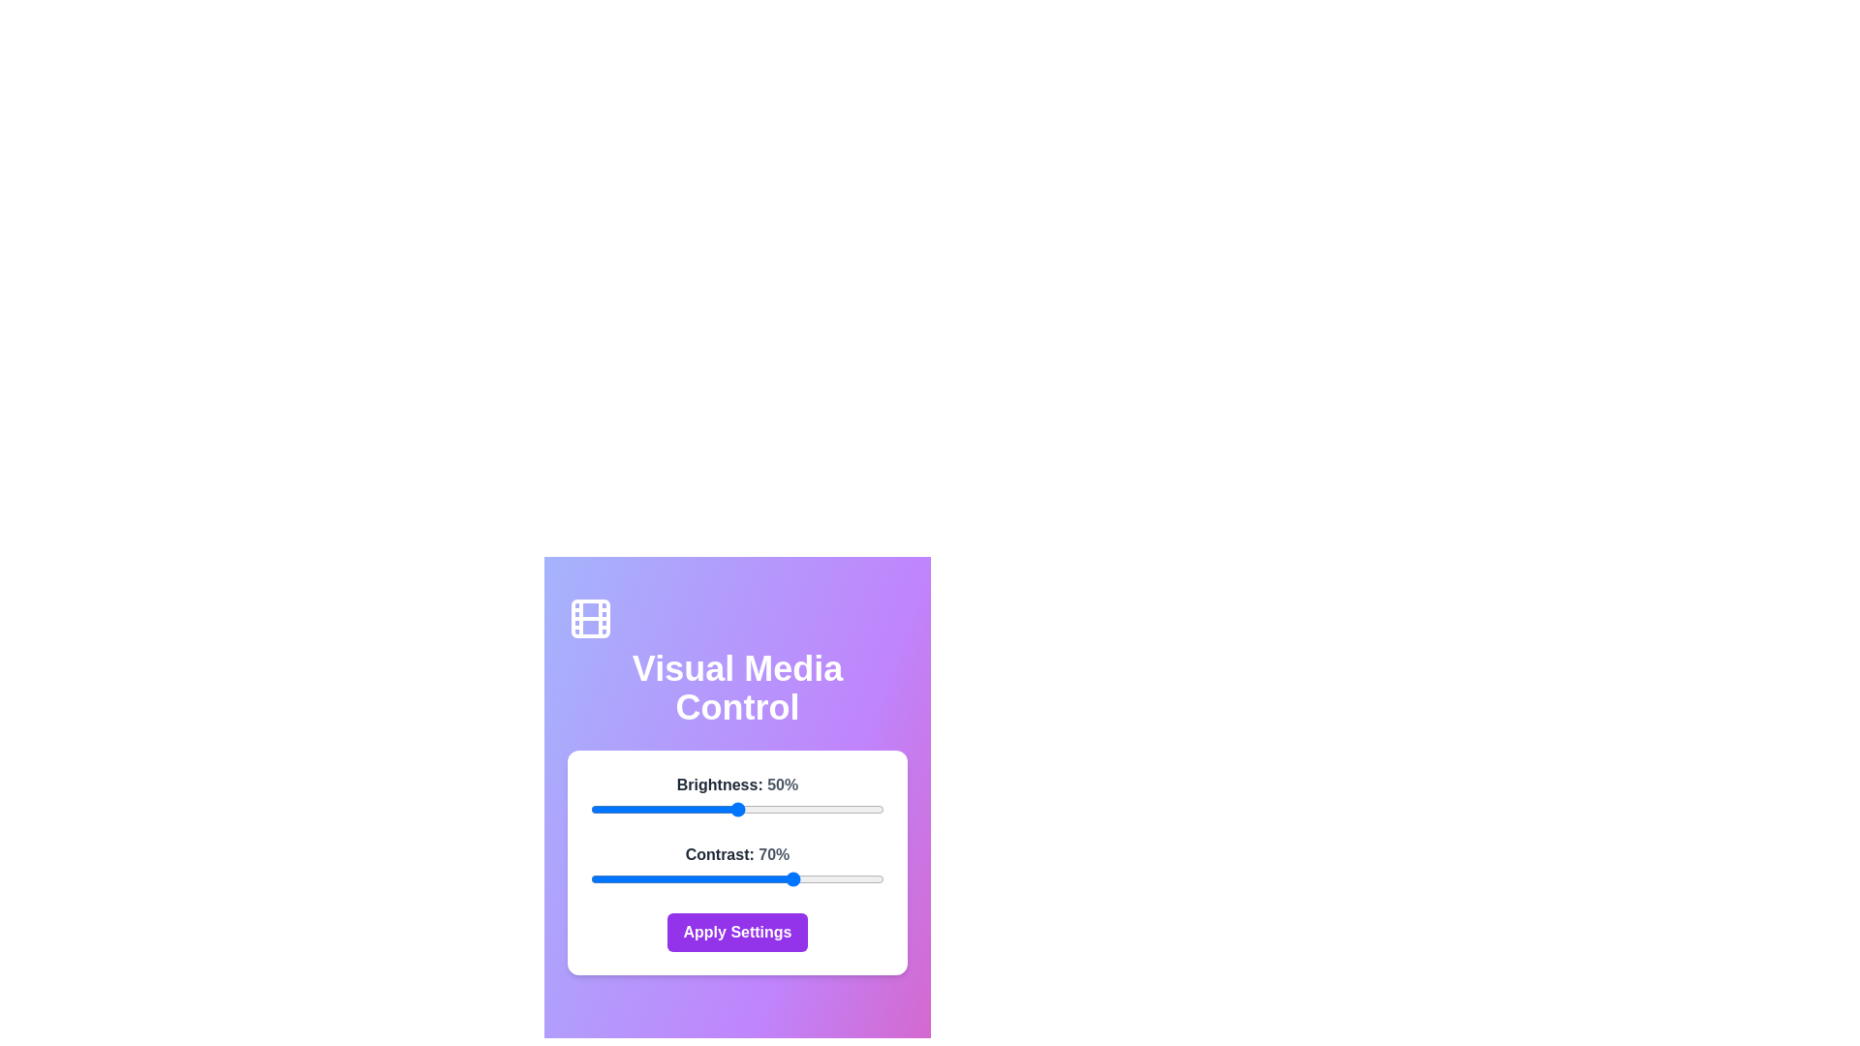  I want to click on the contrast slider to 19%, so click(646, 878).